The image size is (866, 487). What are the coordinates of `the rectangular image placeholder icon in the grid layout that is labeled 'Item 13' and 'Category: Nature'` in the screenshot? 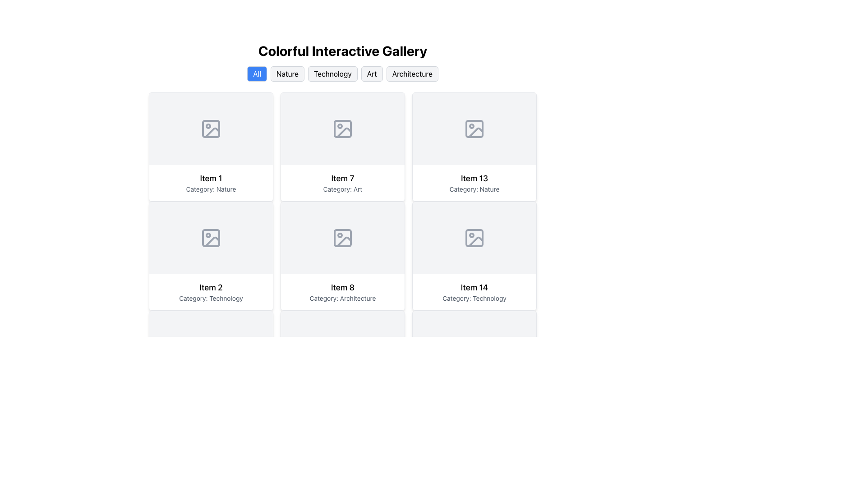 It's located at (474, 129).